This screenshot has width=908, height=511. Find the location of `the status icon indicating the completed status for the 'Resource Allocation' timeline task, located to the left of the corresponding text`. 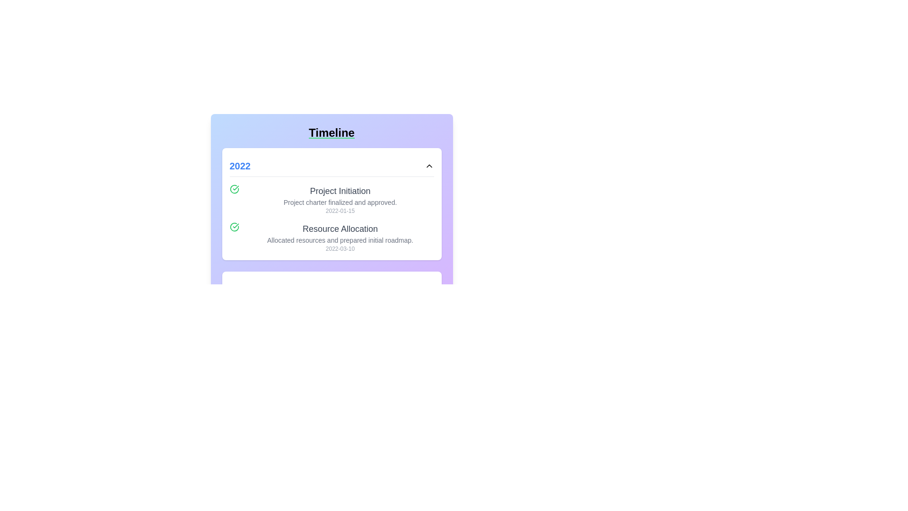

the status icon indicating the completed status for the 'Resource Allocation' timeline task, located to the left of the corresponding text is located at coordinates (234, 227).